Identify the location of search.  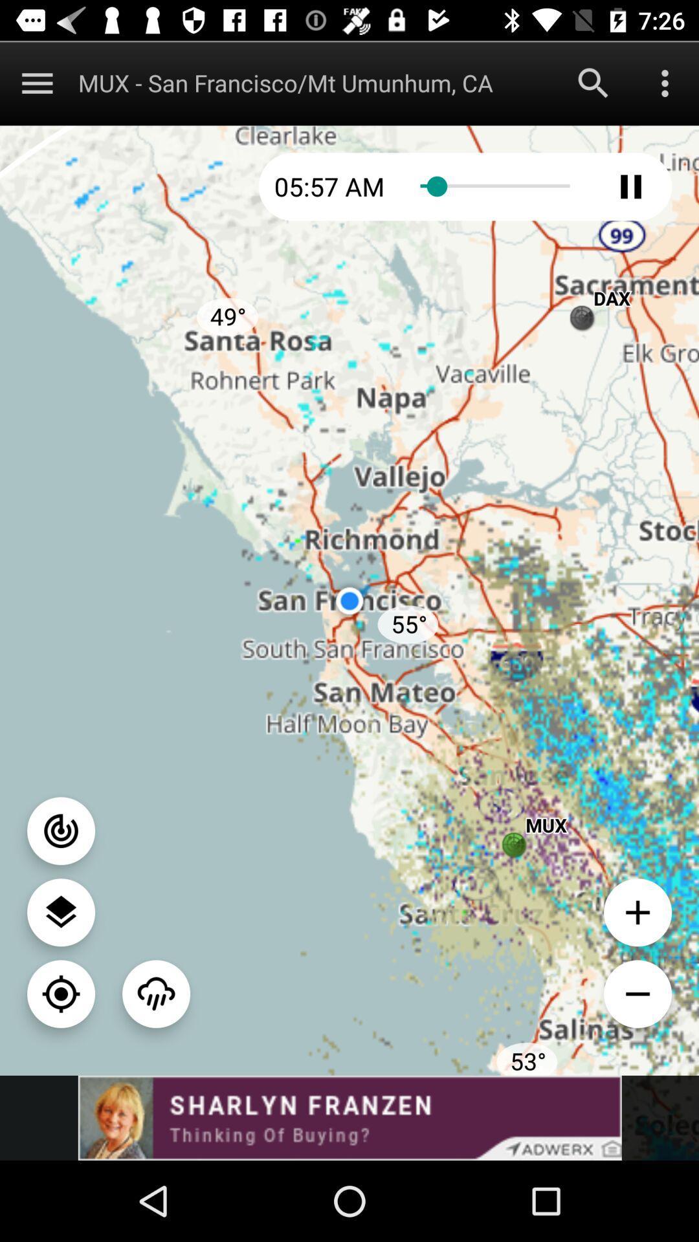
(594, 82).